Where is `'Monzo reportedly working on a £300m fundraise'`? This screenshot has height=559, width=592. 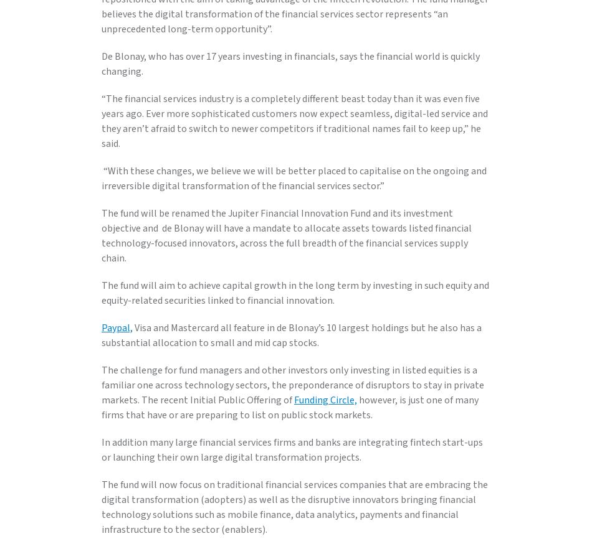
'Monzo reportedly working on a £300m fundraise' is located at coordinates (217, 55).